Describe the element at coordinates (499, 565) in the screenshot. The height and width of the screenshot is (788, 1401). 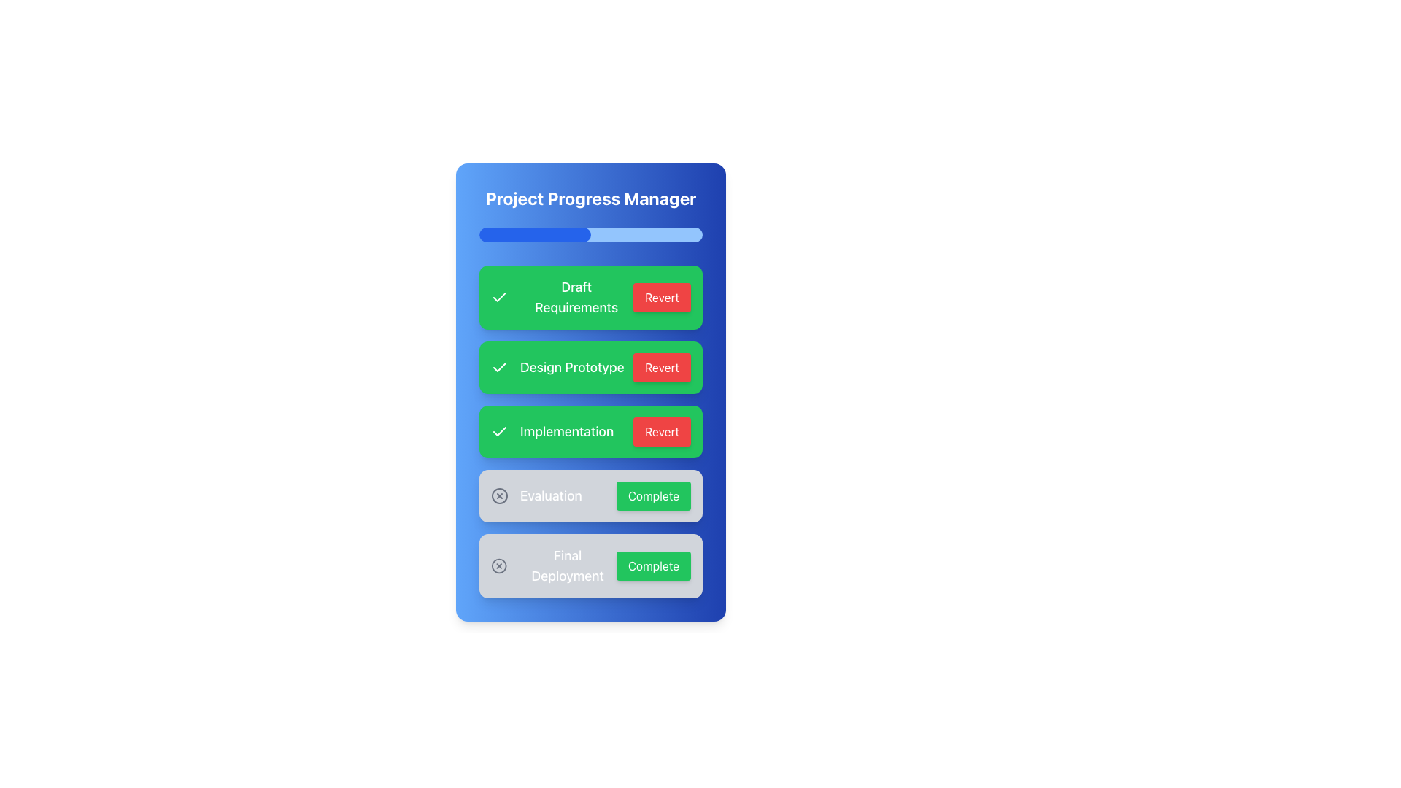
I see `the circular icon with a dark gray border and internal cross symbol, located in the 'Final Deployment' group, to the left of the 'Final Deployment' text` at that location.